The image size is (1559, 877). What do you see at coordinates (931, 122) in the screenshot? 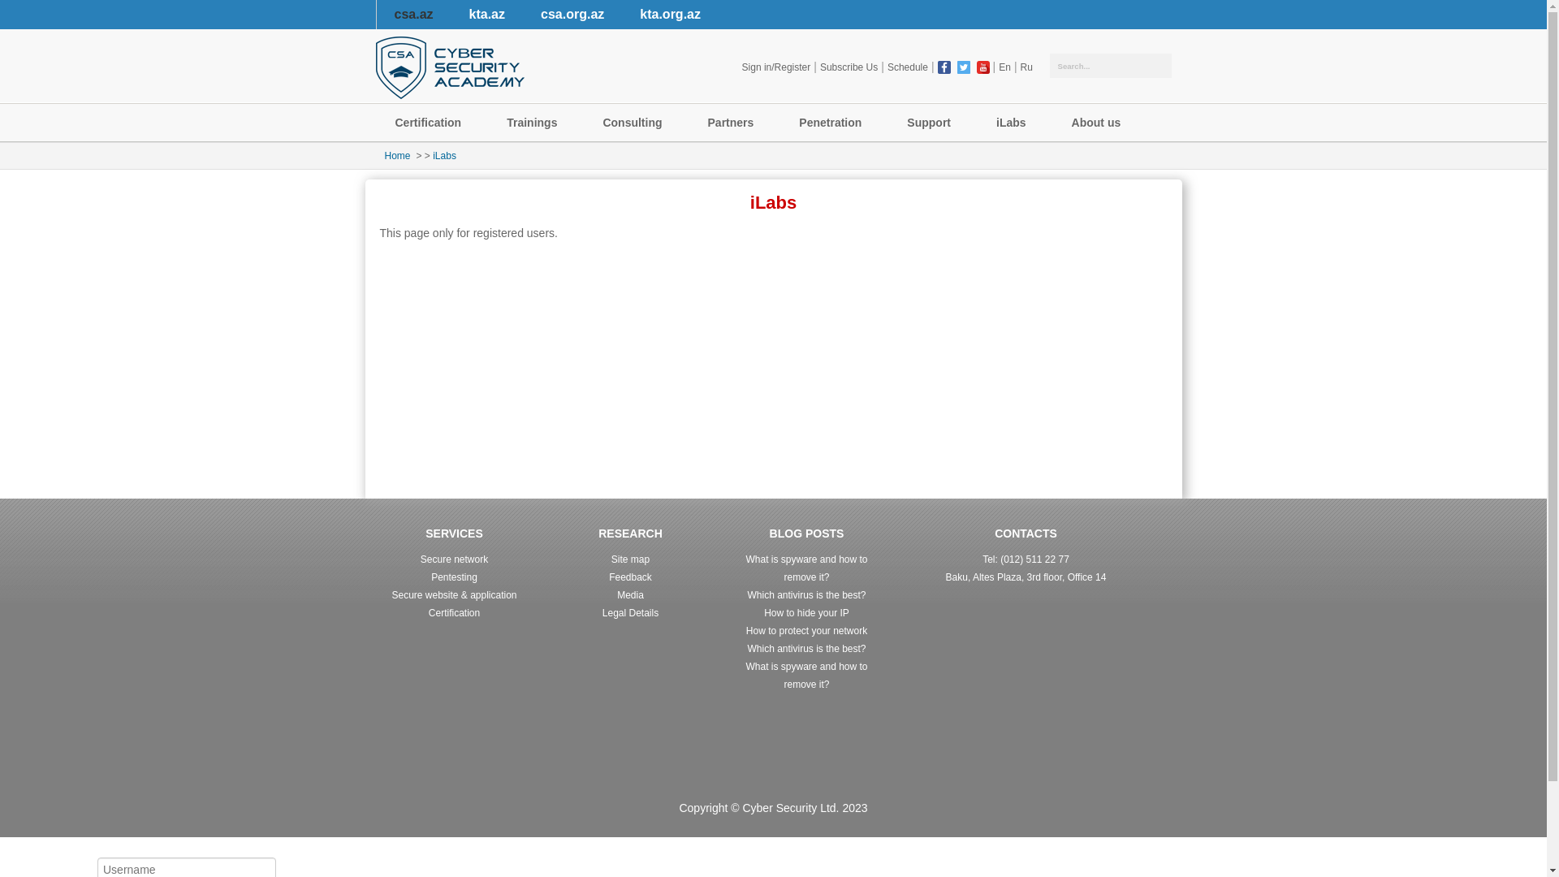
I see `'Support'` at bounding box center [931, 122].